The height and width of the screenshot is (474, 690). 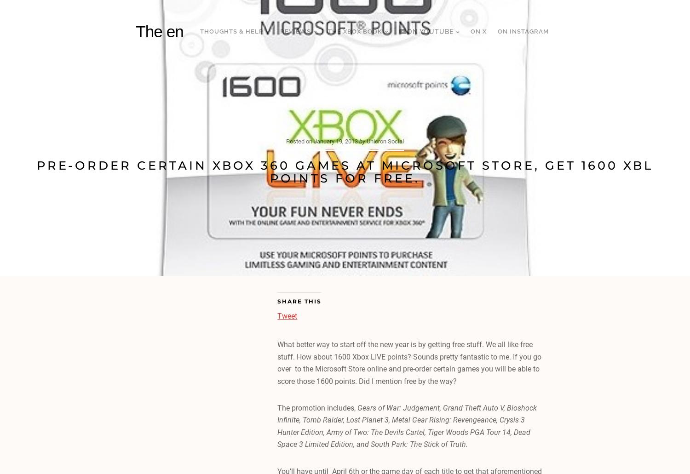 I want to click on 'Unicron Social', so click(x=385, y=141).